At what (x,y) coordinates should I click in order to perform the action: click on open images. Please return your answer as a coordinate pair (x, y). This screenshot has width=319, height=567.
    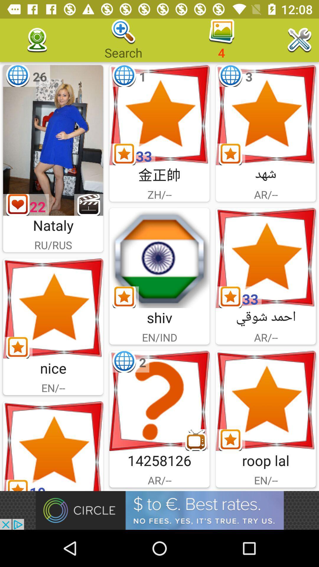
    Looking at the image, I should click on (53, 308).